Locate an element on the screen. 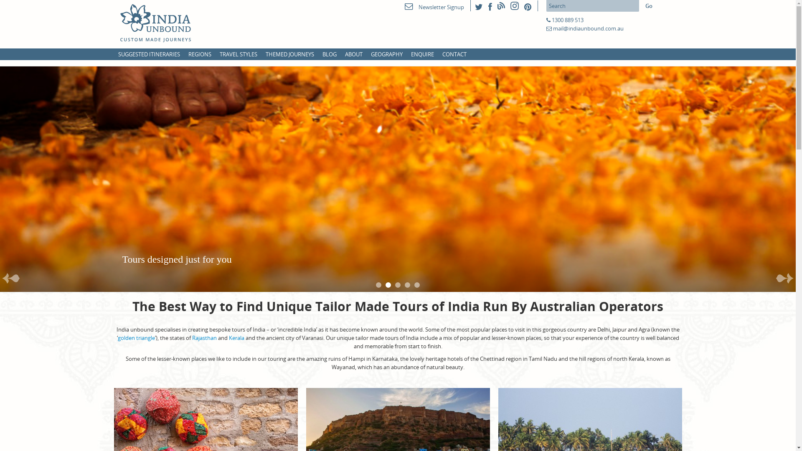 Image resolution: width=802 pixels, height=451 pixels. 'ENQUIRE' is located at coordinates (422, 54).